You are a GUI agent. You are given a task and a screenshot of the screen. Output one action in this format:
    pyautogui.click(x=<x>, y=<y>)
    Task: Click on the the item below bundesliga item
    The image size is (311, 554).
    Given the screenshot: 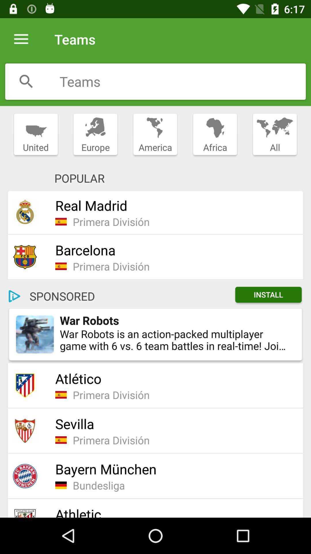 What is the action you would take?
    pyautogui.click(x=175, y=511)
    